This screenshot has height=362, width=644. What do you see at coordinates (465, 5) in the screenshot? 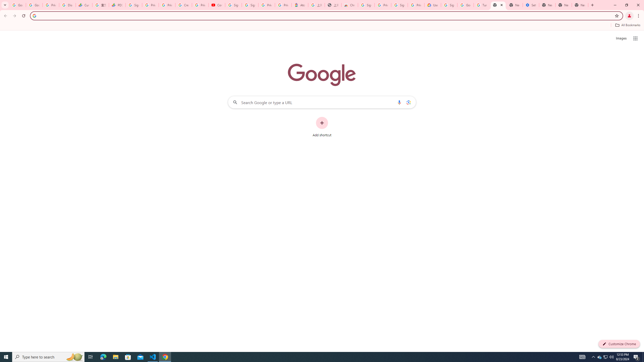
I see `'Google Account Help'` at bounding box center [465, 5].